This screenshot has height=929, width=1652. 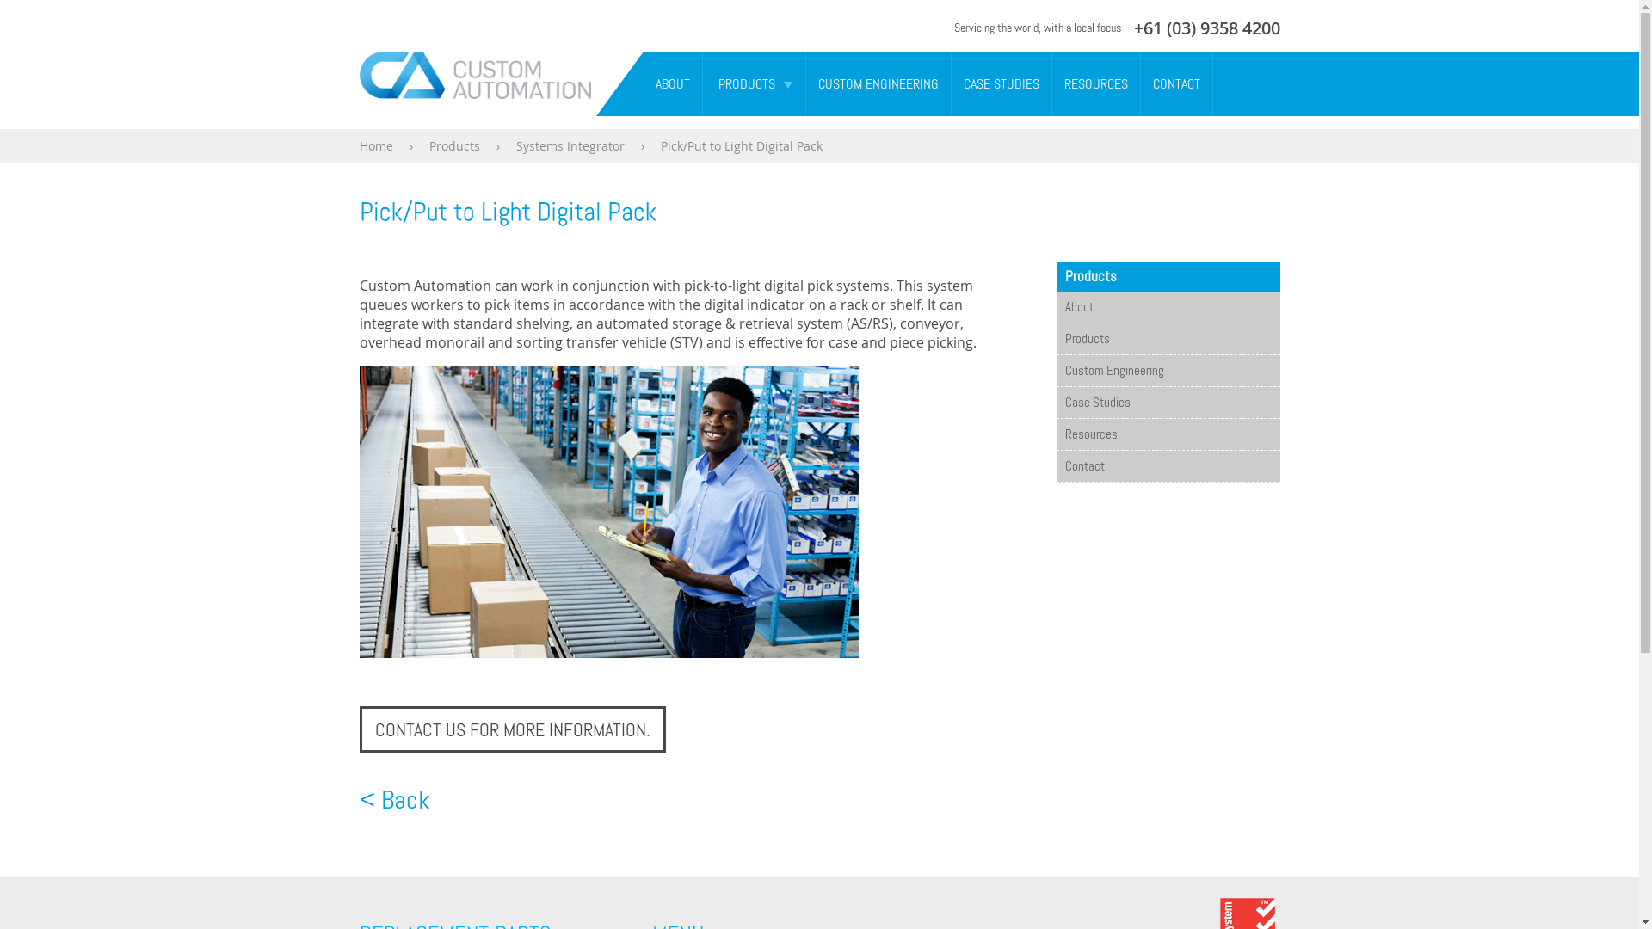 What do you see at coordinates (1168, 434) in the screenshot?
I see `'Resources'` at bounding box center [1168, 434].